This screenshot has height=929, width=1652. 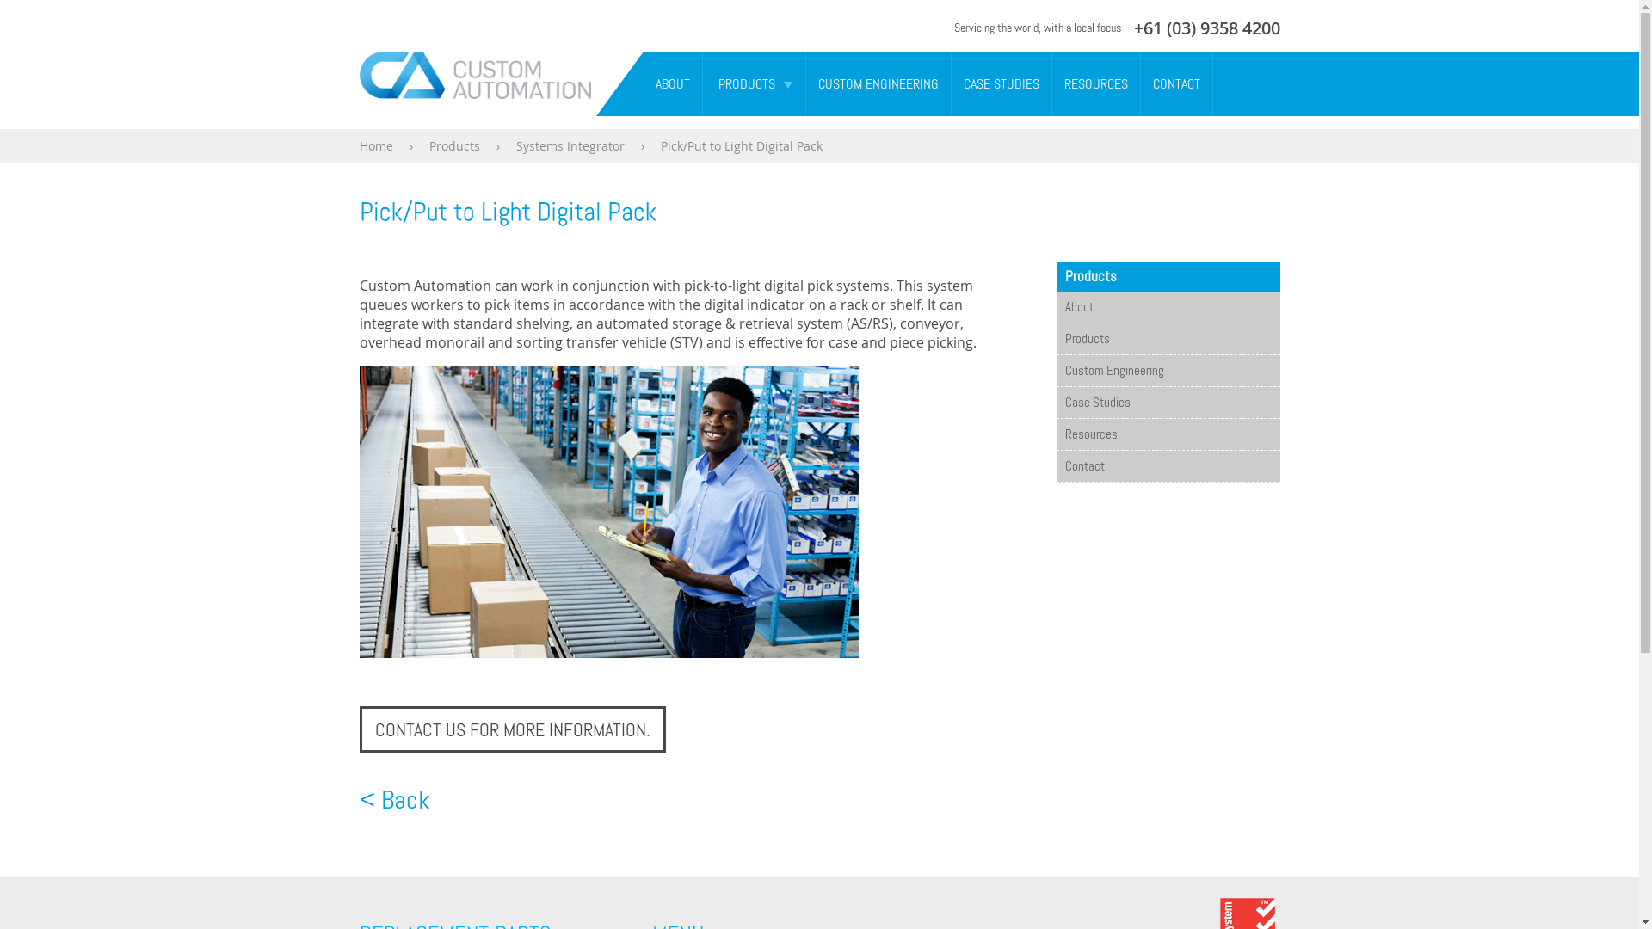 What do you see at coordinates (1168, 434) in the screenshot?
I see `'Resources'` at bounding box center [1168, 434].